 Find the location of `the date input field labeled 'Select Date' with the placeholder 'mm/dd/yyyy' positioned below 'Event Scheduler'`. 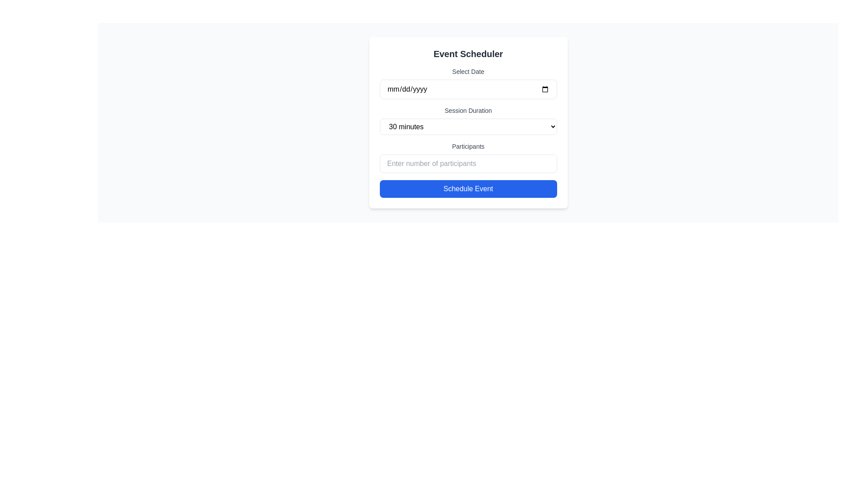

the date input field labeled 'Select Date' with the placeholder 'mm/dd/yyyy' positioned below 'Event Scheduler' is located at coordinates (468, 83).